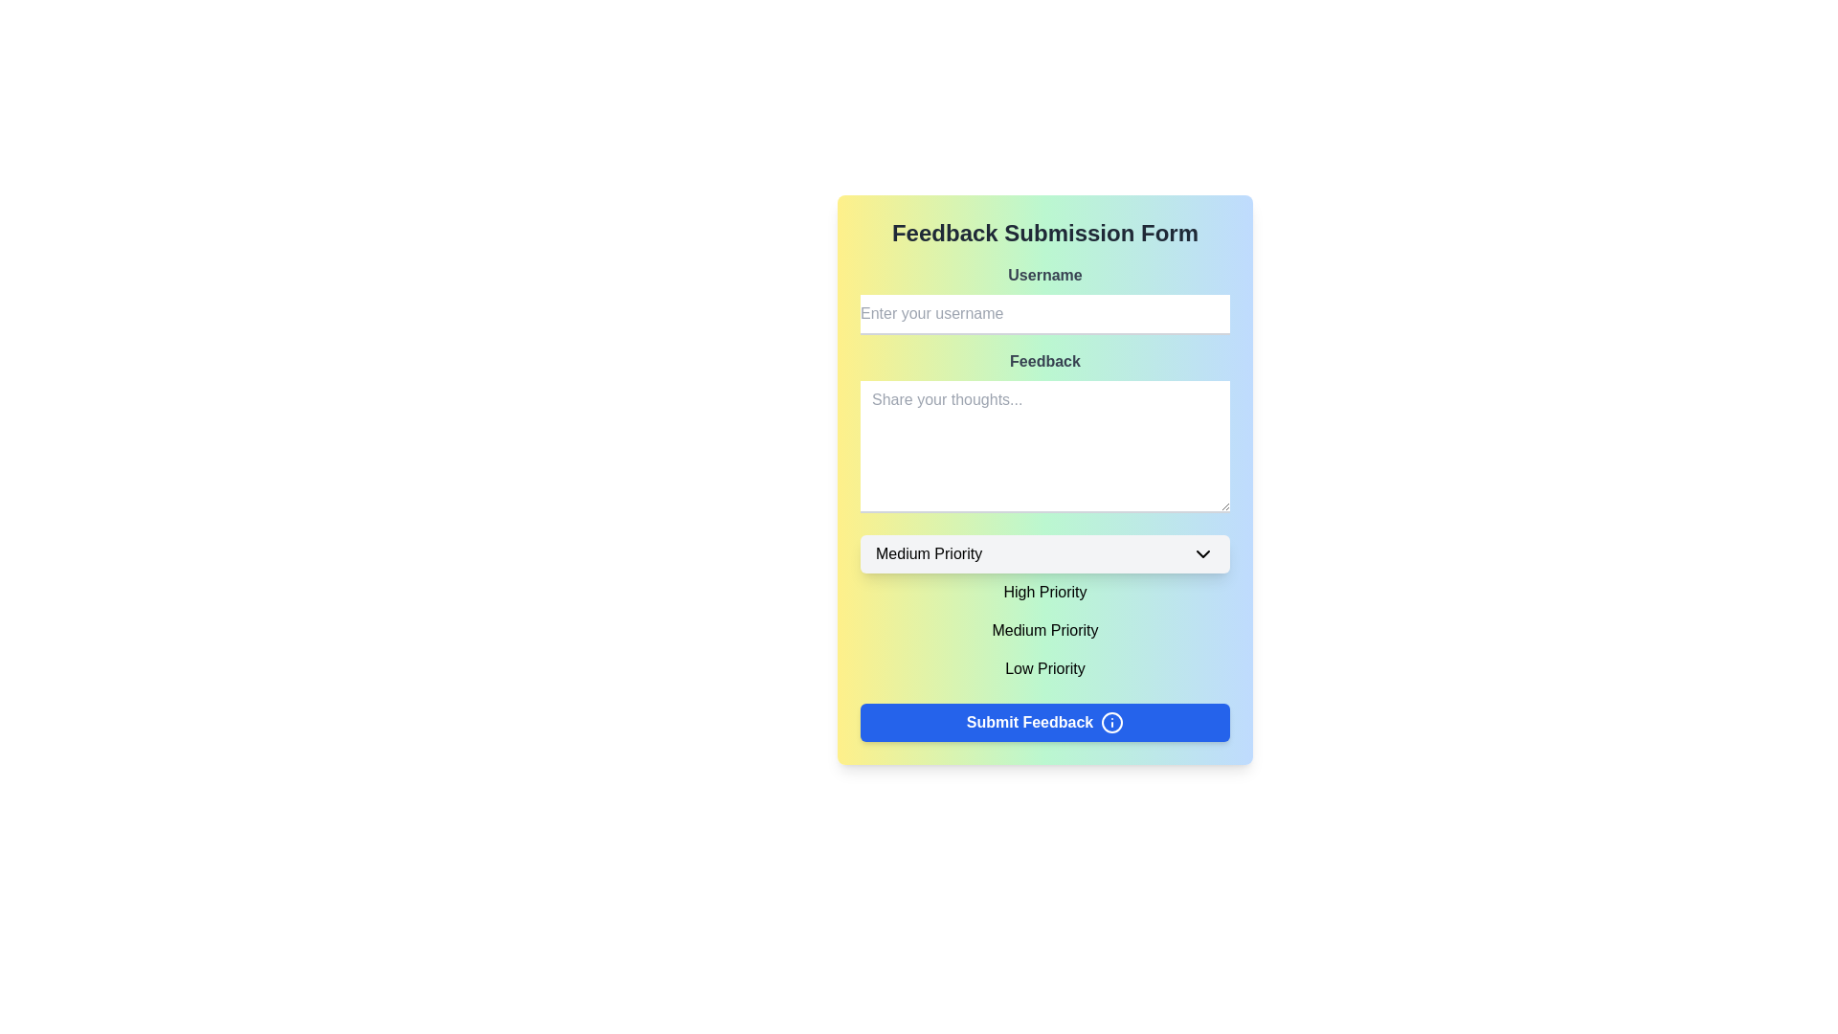 This screenshot has height=1034, width=1838. Describe the element at coordinates (1043, 631) in the screenshot. I see `the 'Medium Priority' dropdown option` at that location.